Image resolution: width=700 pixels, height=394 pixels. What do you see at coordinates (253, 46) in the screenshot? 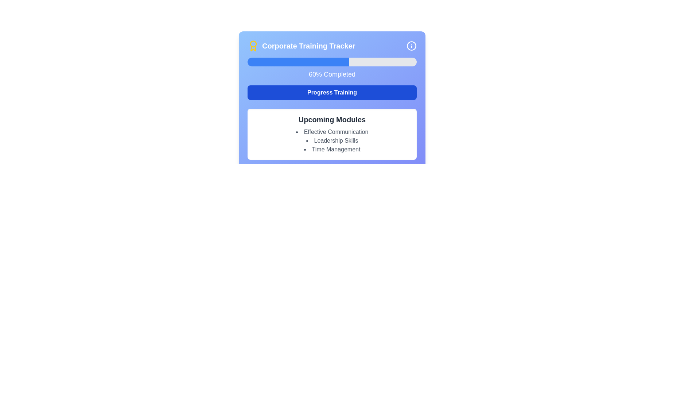
I see `the award medal icon, which is yellow and located at the top-left side of the 'Corporate Training Tracker' card, preceding the title text` at bounding box center [253, 46].